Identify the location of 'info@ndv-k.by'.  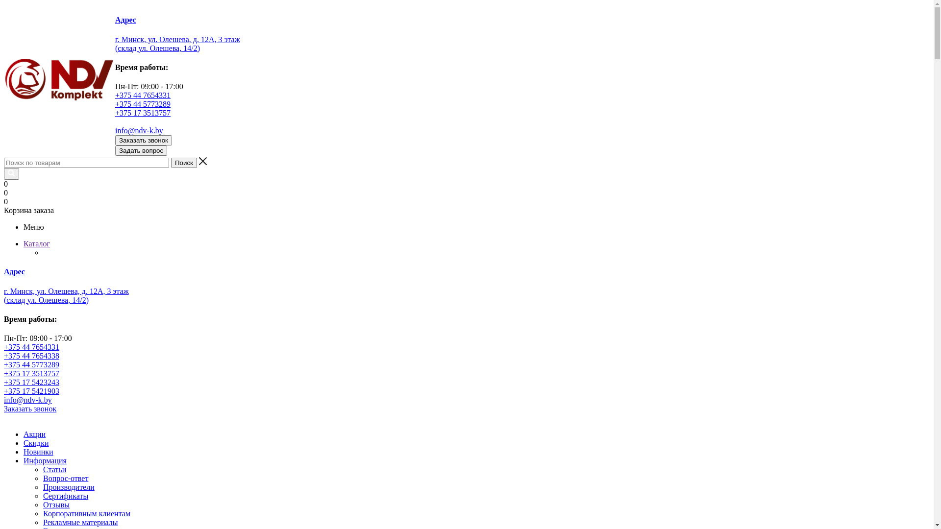
(28, 400).